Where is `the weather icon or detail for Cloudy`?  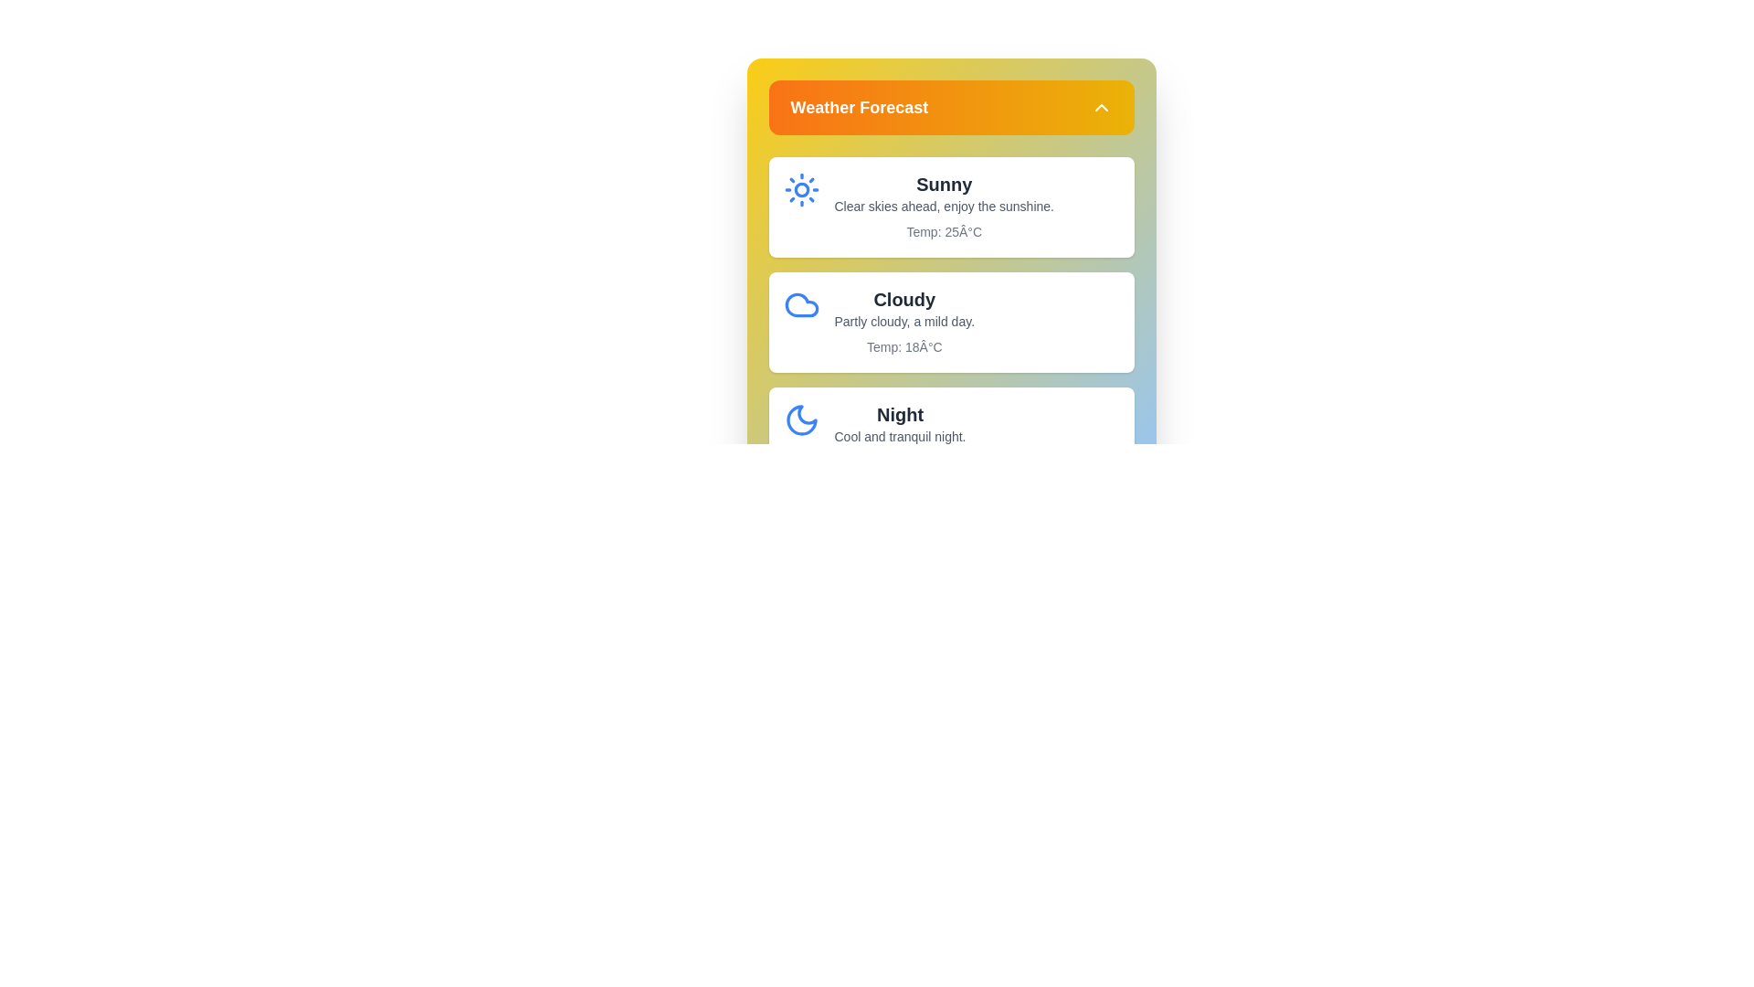
the weather icon or detail for Cloudy is located at coordinates (801, 304).